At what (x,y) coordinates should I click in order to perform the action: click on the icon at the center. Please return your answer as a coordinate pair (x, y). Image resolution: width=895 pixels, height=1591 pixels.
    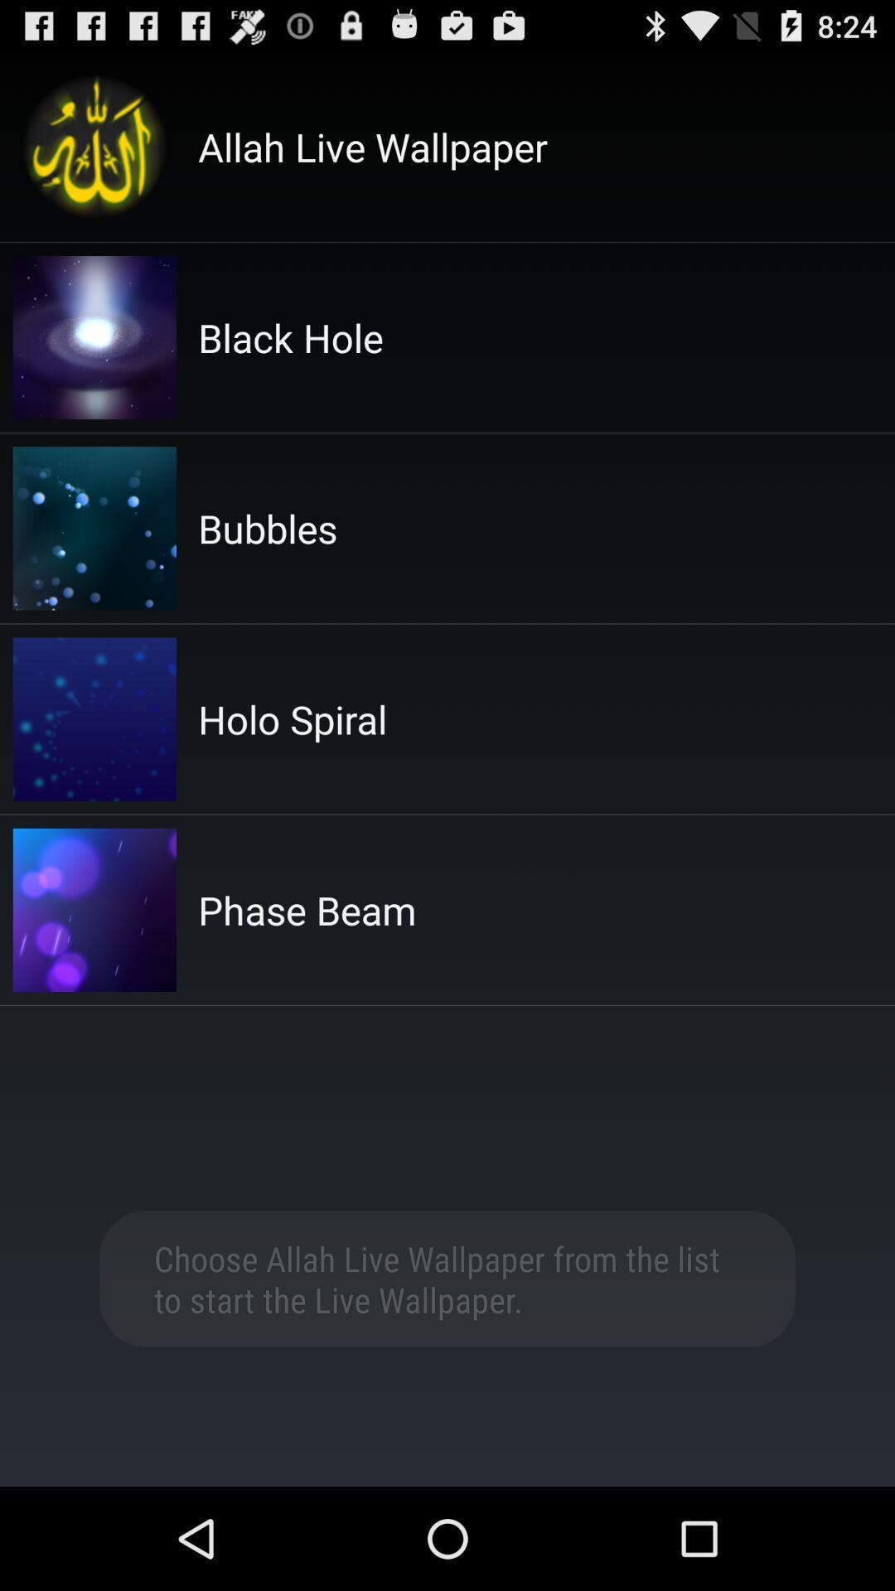
    Looking at the image, I should click on (307, 909).